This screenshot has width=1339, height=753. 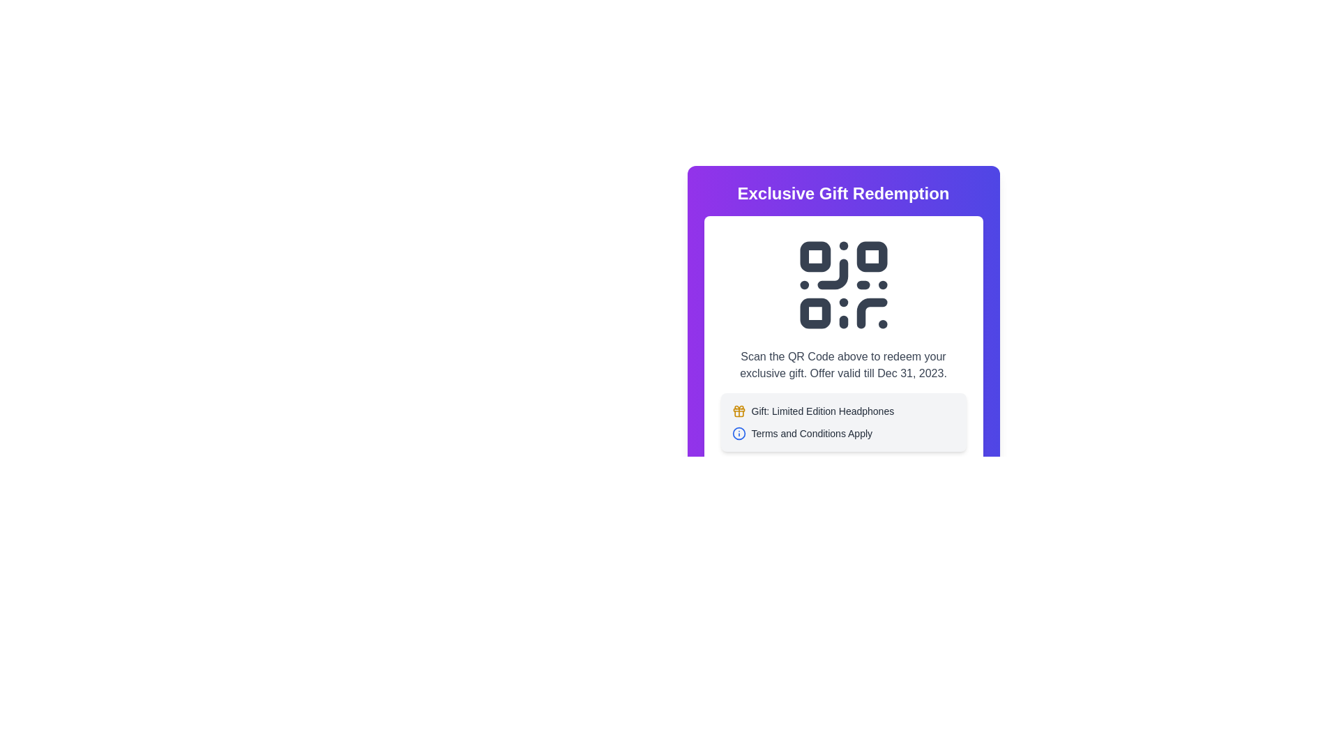 What do you see at coordinates (842, 421) in the screenshot?
I see `the informational block element that contains the text 'Gift: Limited Edition Headphones' and 'Terms and Conditions Apply', which is located below the QR code section` at bounding box center [842, 421].